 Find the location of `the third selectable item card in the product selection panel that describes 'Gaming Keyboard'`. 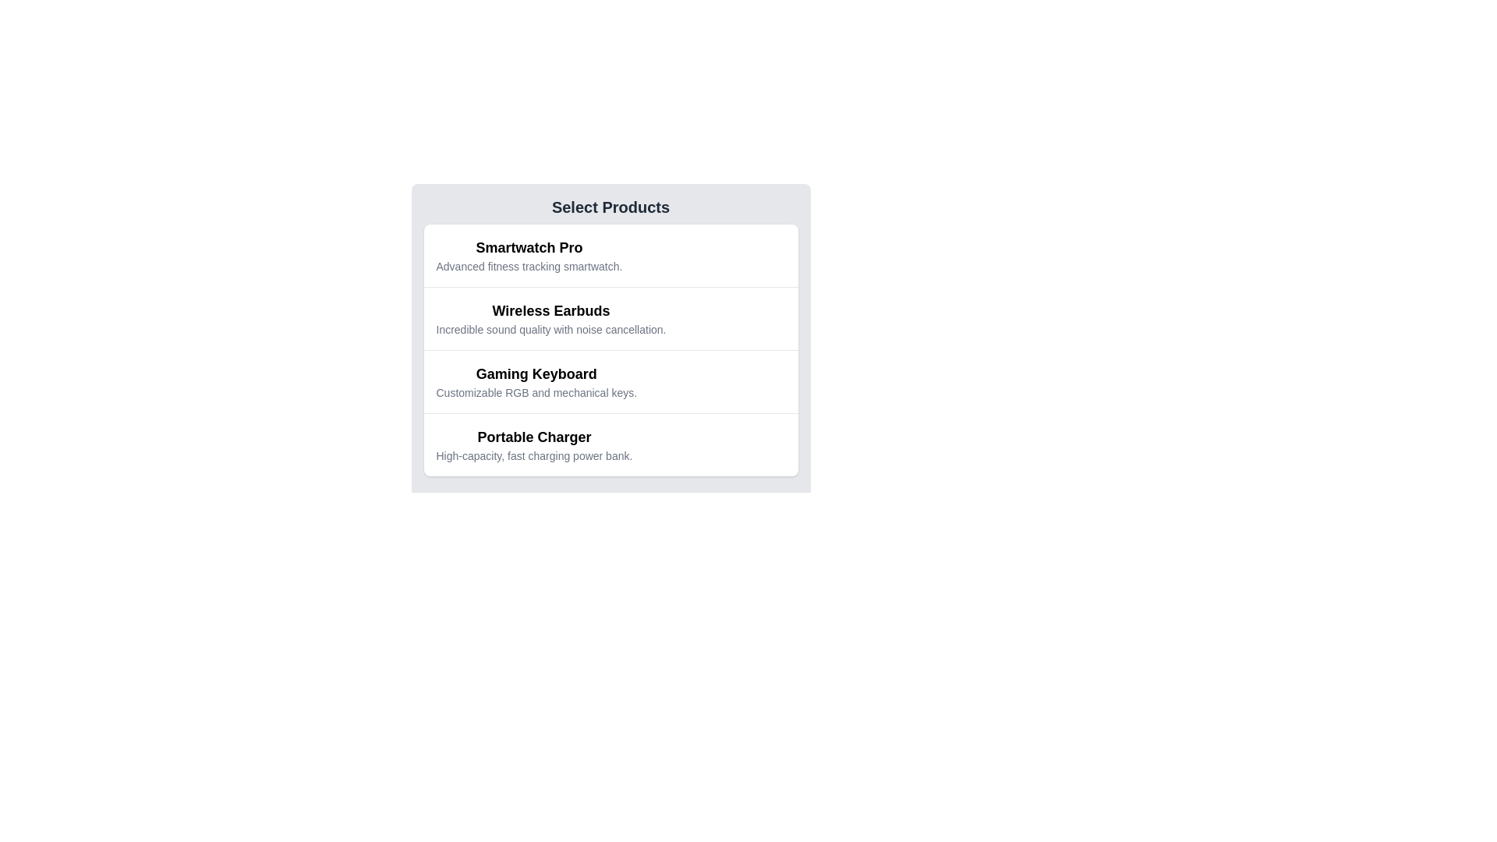

the third selectable item card in the product selection panel that describes 'Gaming Keyboard' is located at coordinates (610, 366).